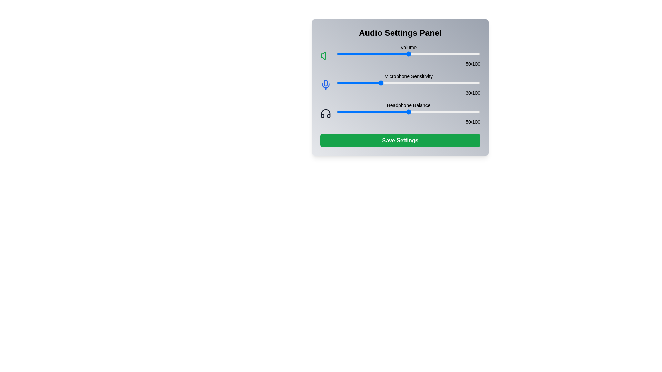  I want to click on the microphone sensitivity, so click(467, 82).